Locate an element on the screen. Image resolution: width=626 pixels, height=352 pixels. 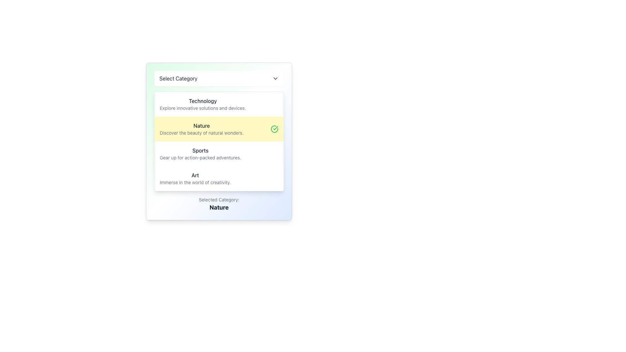
the 'Technology' text label, which is styled in bold and larger size, located at the top of the category selection box is located at coordinates (202, 101).